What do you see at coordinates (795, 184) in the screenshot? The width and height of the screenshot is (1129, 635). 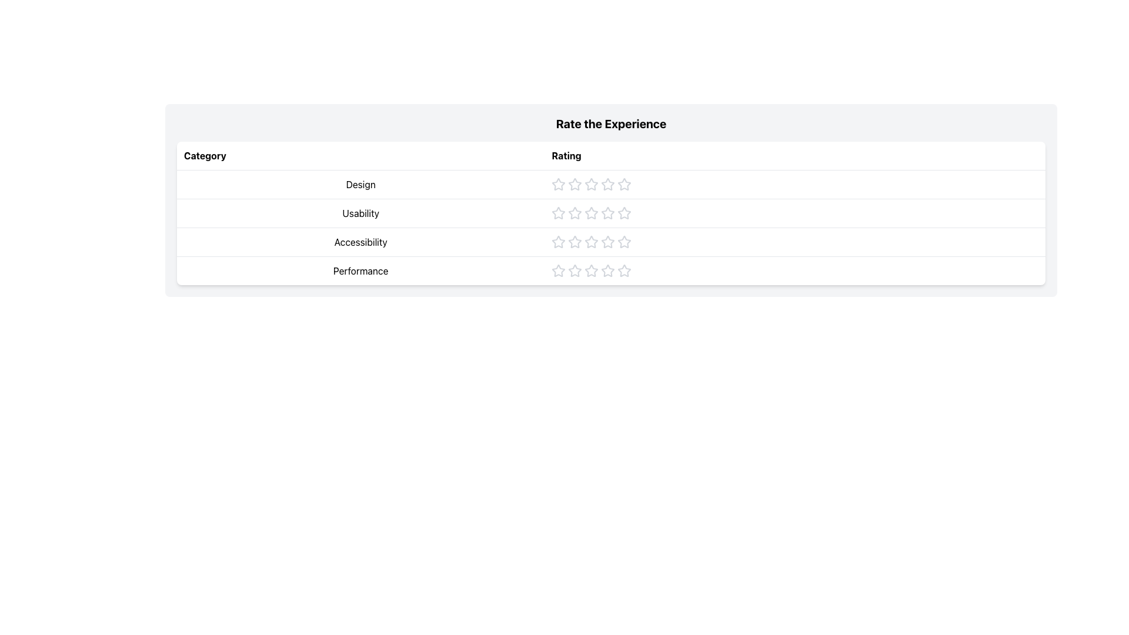 I see `the star icons in the 'Rating' column of the 'Design' row` at bounding box center [795, 184].